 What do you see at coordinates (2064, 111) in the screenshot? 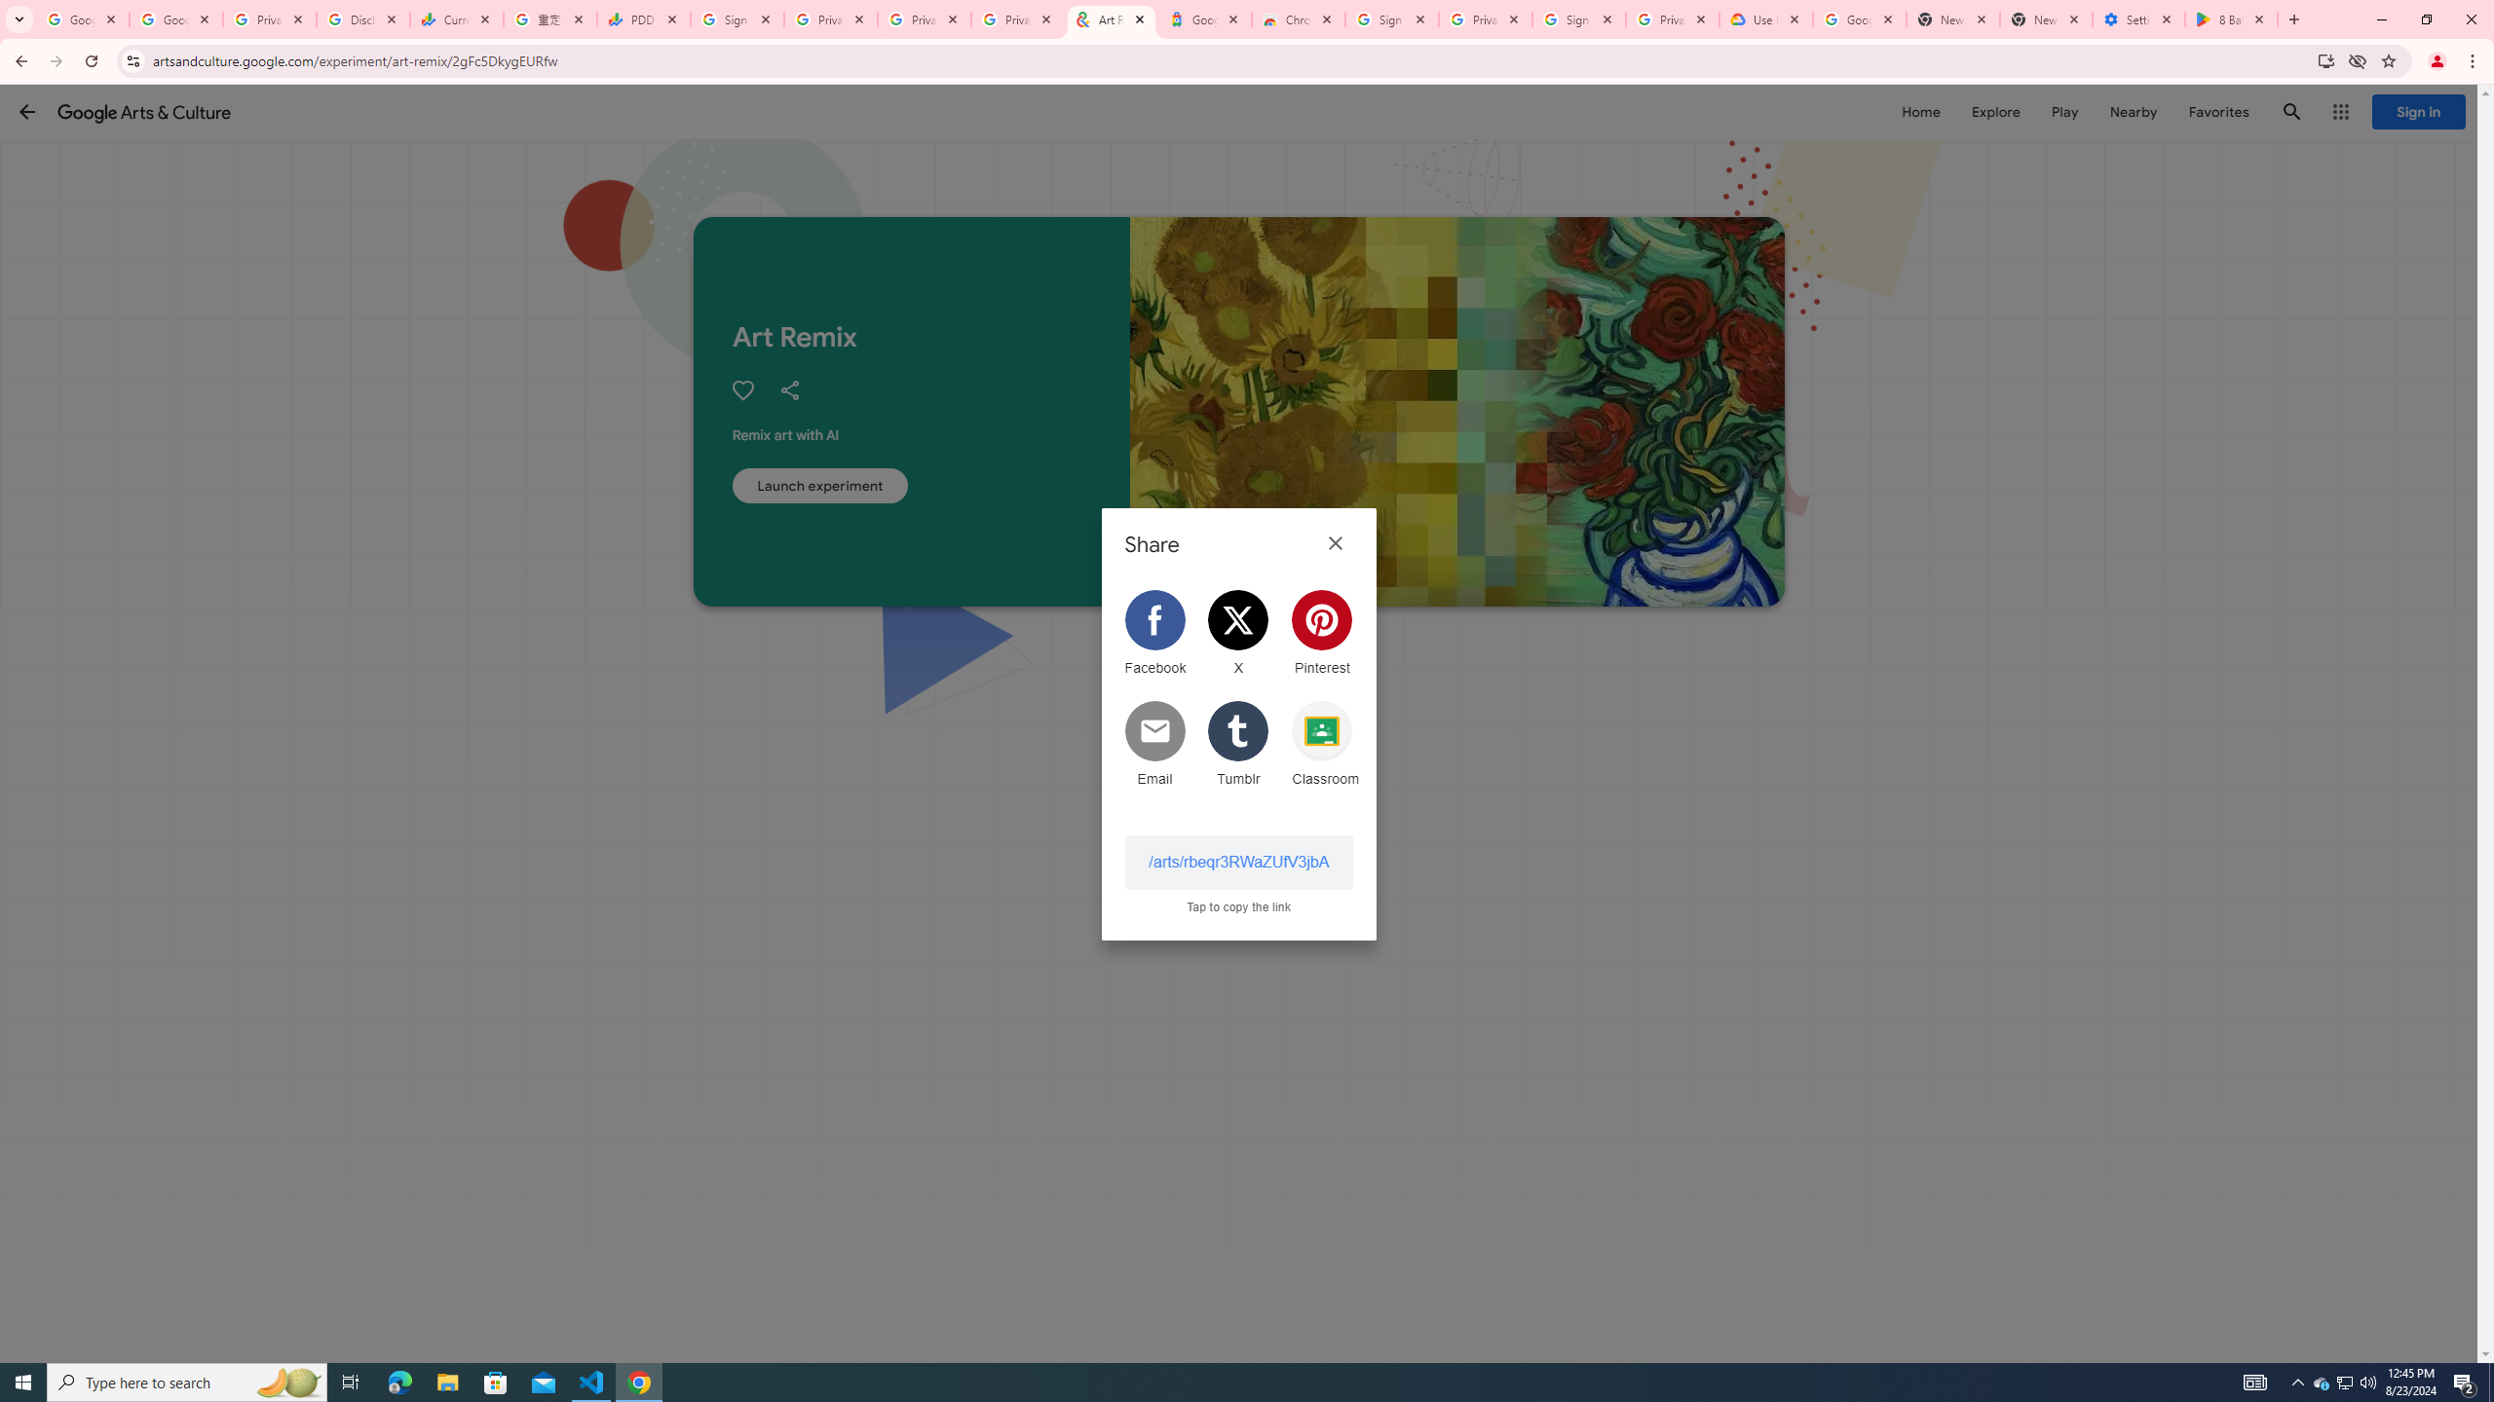
I see `'Play'` at bounding box center [2064, 111].